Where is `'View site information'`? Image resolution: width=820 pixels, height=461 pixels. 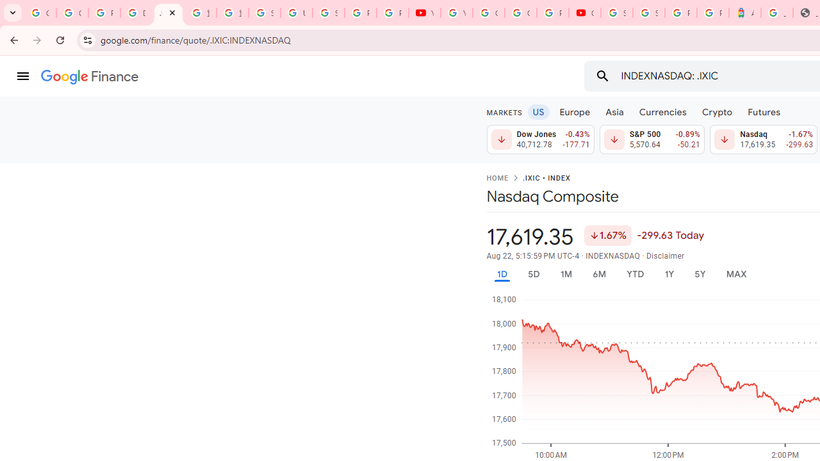
'View site information' is located at coordinates (86, 39).